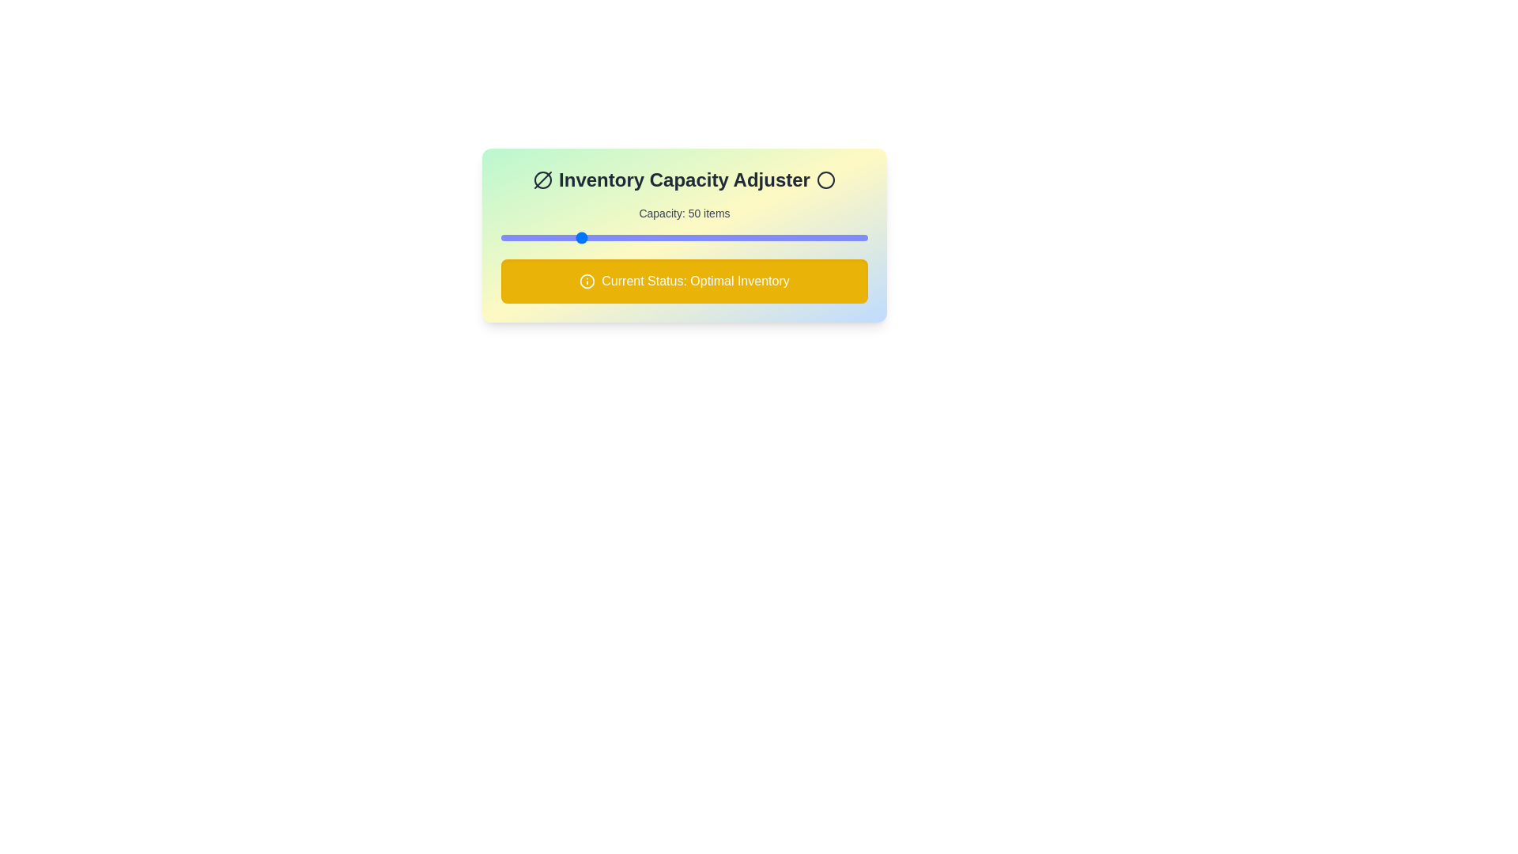 The image size is (1518, 854). Describe the element at coordinates (825, 179) in the screenshot. I see `the Circle icon in the header` at that location.